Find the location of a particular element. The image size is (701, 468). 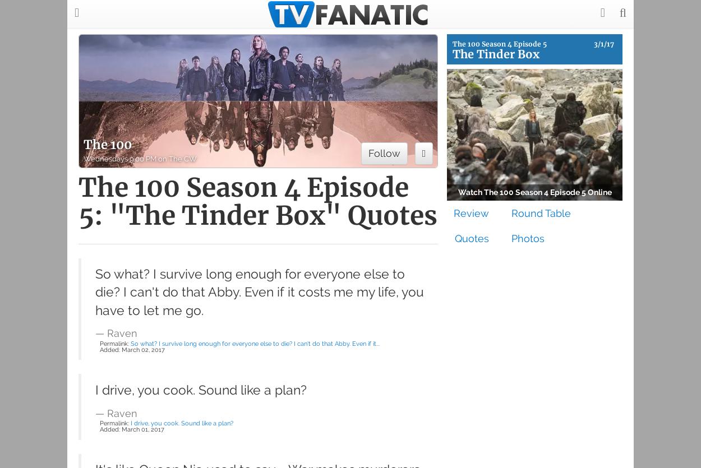

'3/1/17' is located at coordinates (603, 44).